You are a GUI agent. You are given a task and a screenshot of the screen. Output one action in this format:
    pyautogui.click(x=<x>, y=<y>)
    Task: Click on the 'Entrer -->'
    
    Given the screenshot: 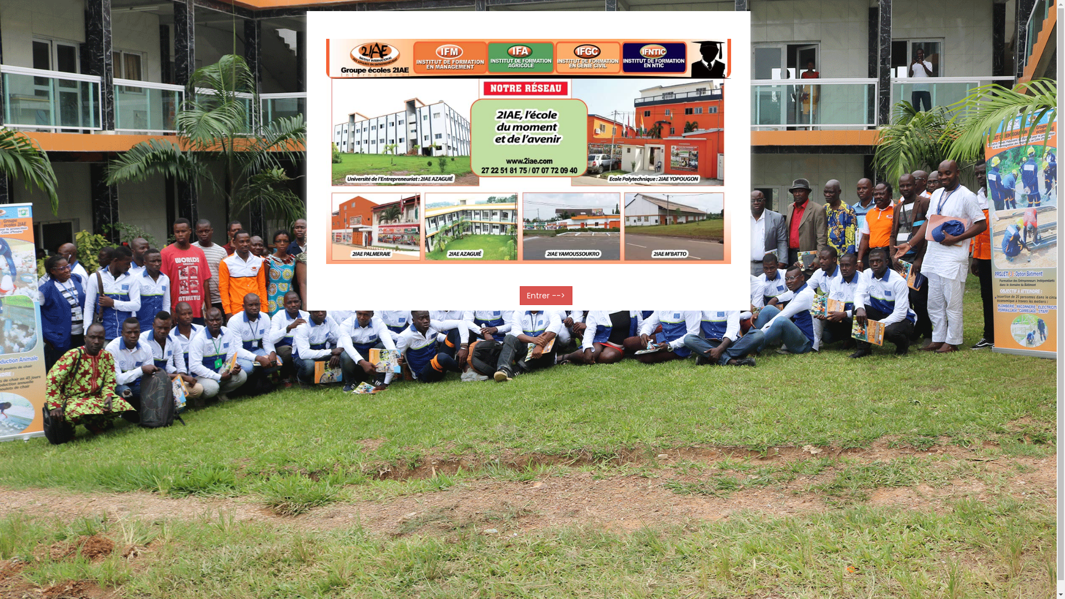 What is the action you would take?
    pyautogui.click(x=546, y=295)
    